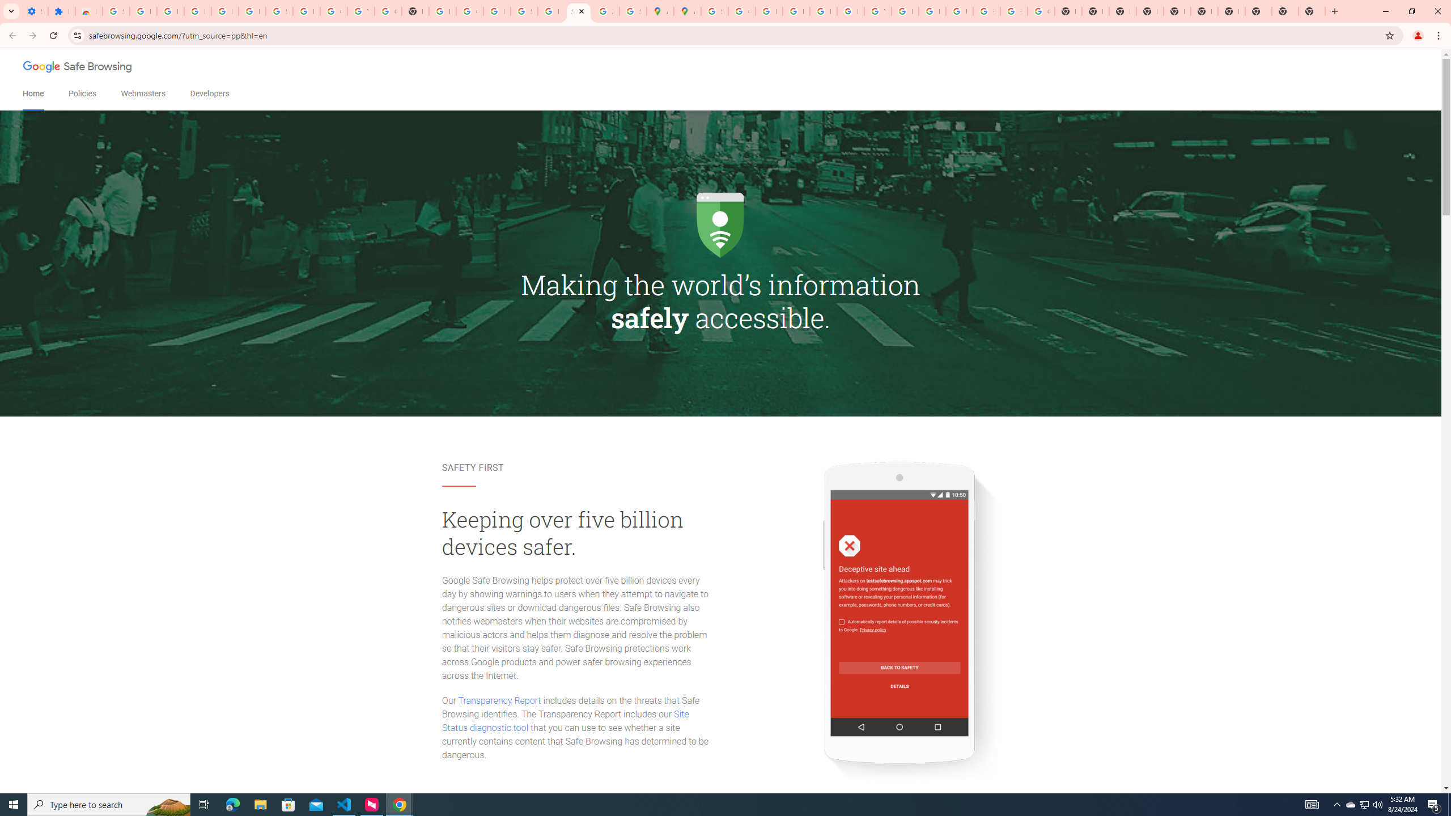 This screenshot has height=816, width=1451. Describe the element at coordinates (35, 11) in the screenshot. I see `'Settings - On startup'` at that location.